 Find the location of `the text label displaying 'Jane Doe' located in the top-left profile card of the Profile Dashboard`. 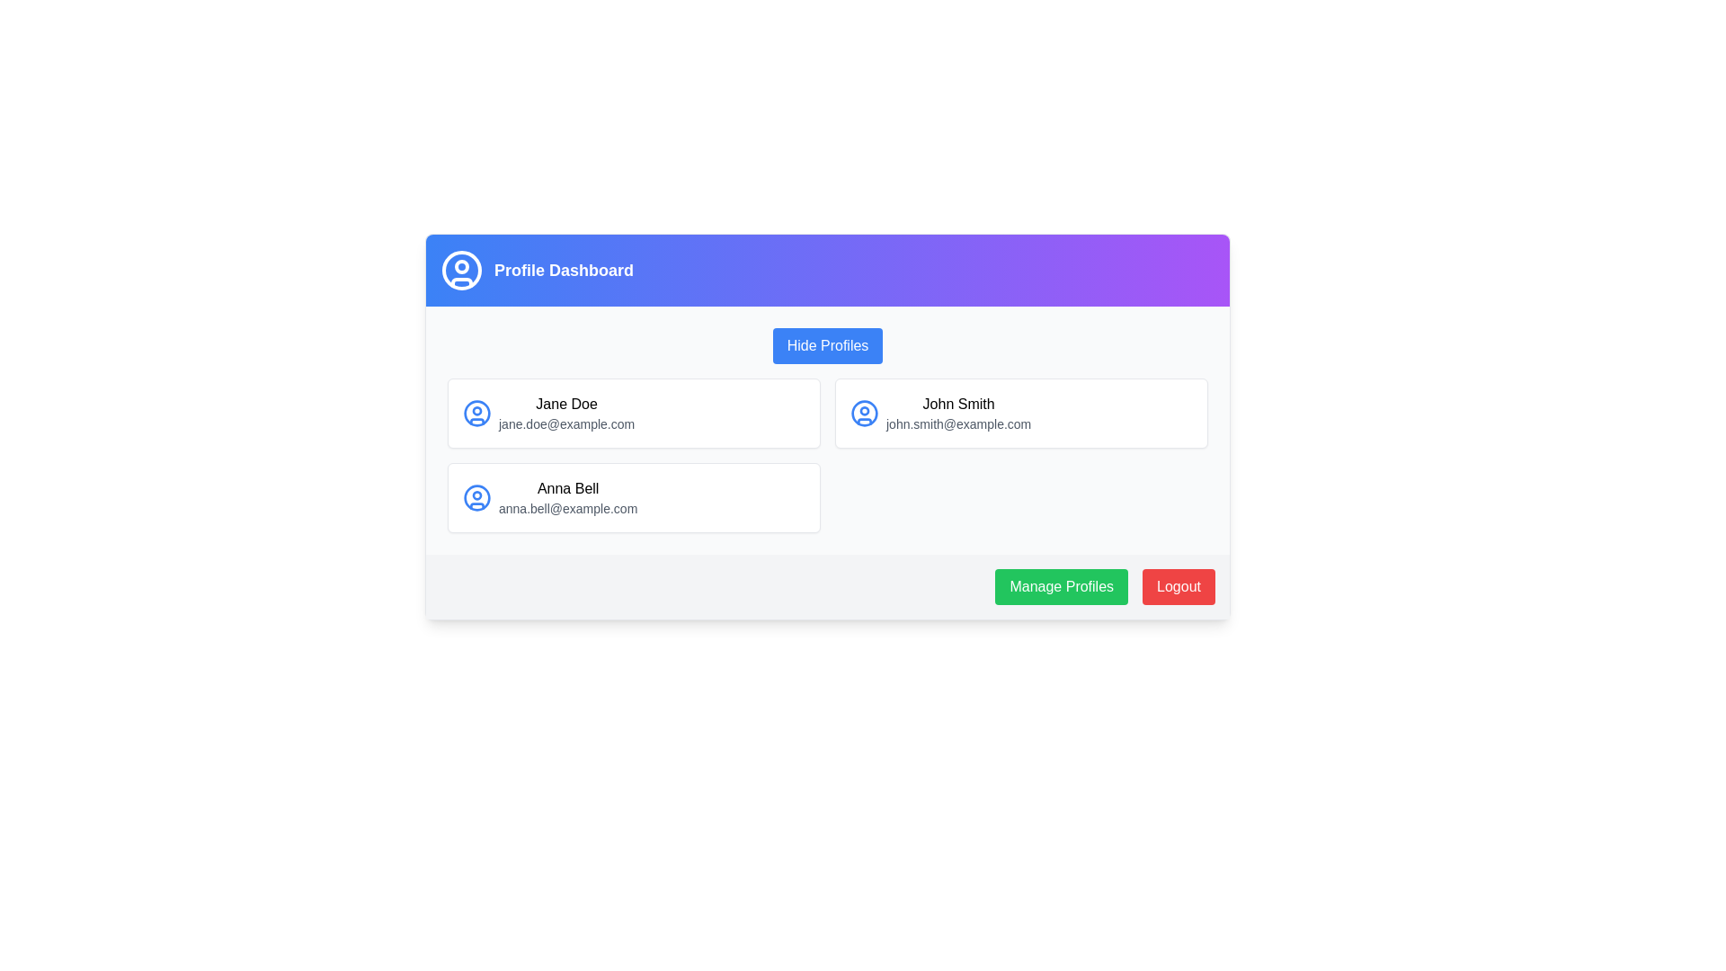

the text label displaying 'Jane Doe' located in the top-left profile card of the Profile Dashboard is located at coordinates (565, 405).